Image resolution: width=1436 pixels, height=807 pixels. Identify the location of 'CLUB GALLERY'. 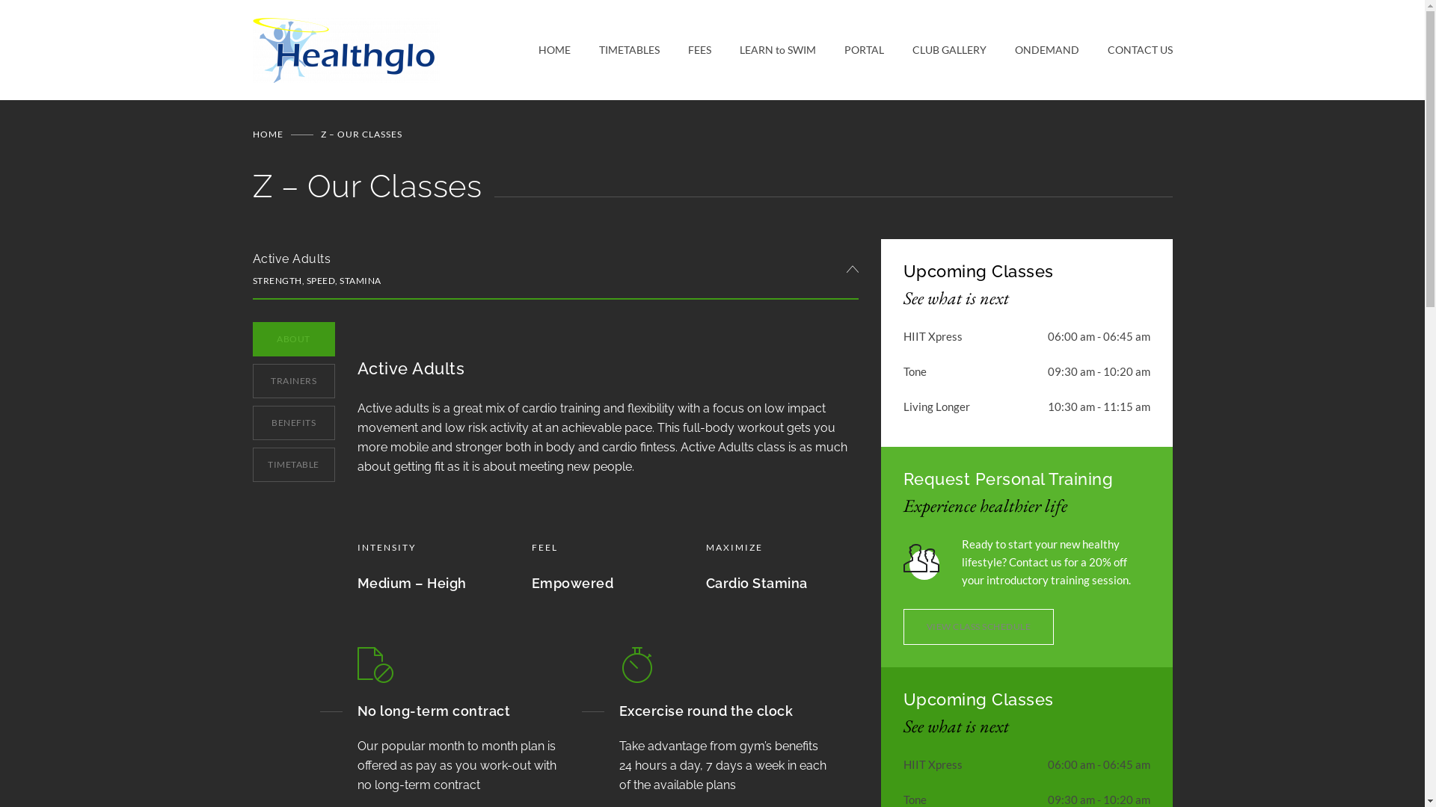
(934, 49).